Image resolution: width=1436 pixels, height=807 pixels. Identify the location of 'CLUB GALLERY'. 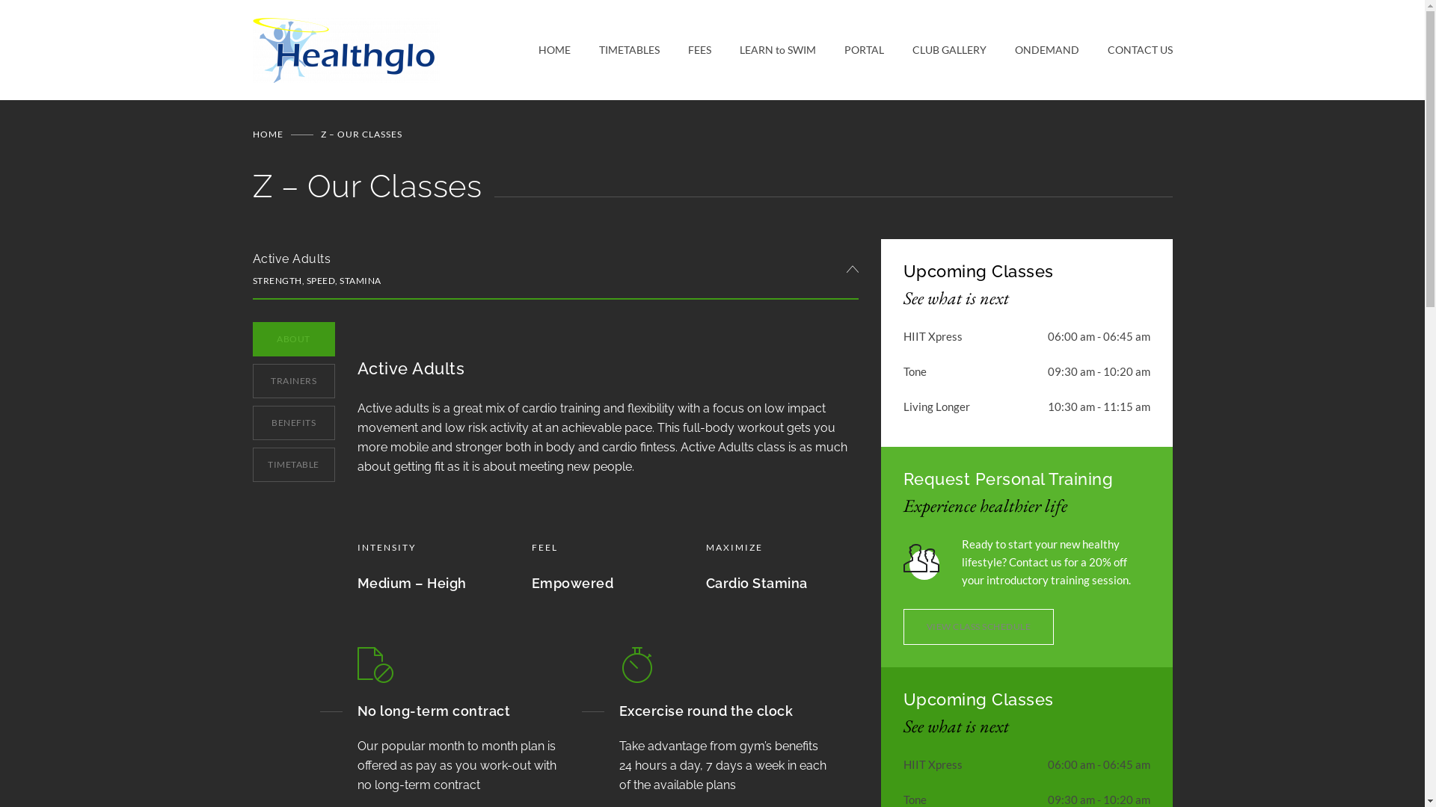
(934, 49).